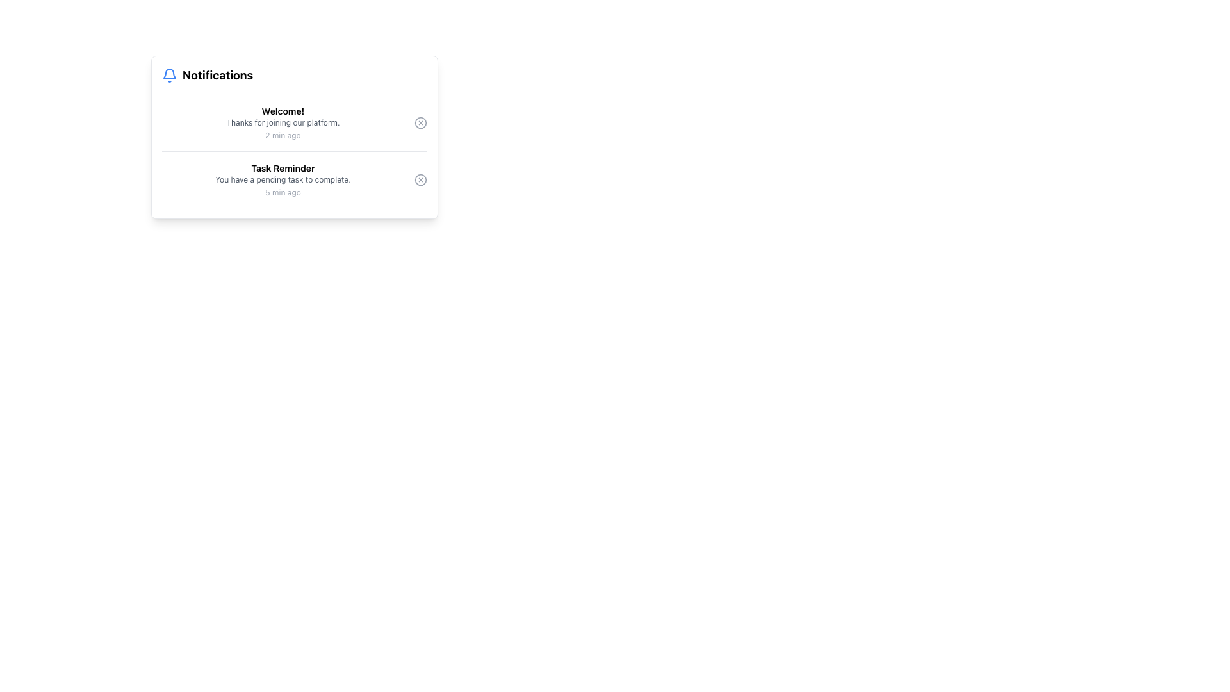 This screenshot has height=692, width=1230. I want to click on timestamp indicating the time elapsed since the 'Task Reminder' notification was created, which is displayed as '5 min ago' below the task description, so click(282, 192).